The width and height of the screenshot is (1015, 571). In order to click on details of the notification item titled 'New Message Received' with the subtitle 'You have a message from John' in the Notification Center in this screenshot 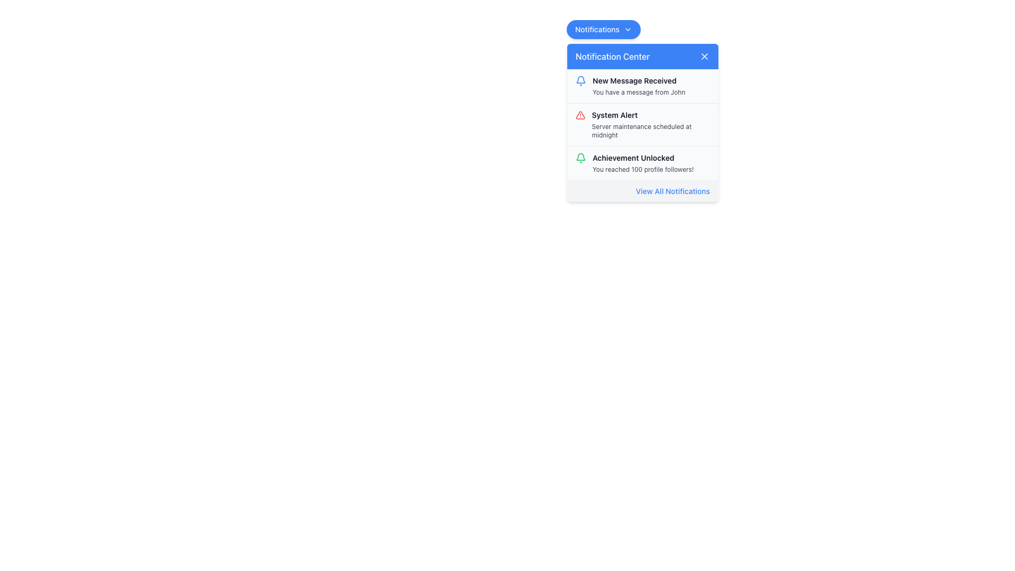, I will do `click(642, 85)`.